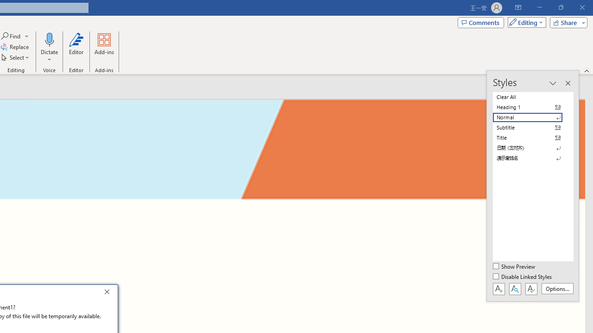  Describe the element at coordinates (566, 22) in the screenshot. I see `'Share'` at that location.